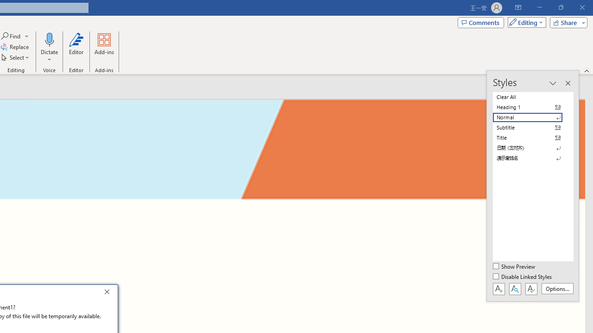  Describe the element at coordinates (566, 22) in the screenshot. I see `'Share'` at that location.